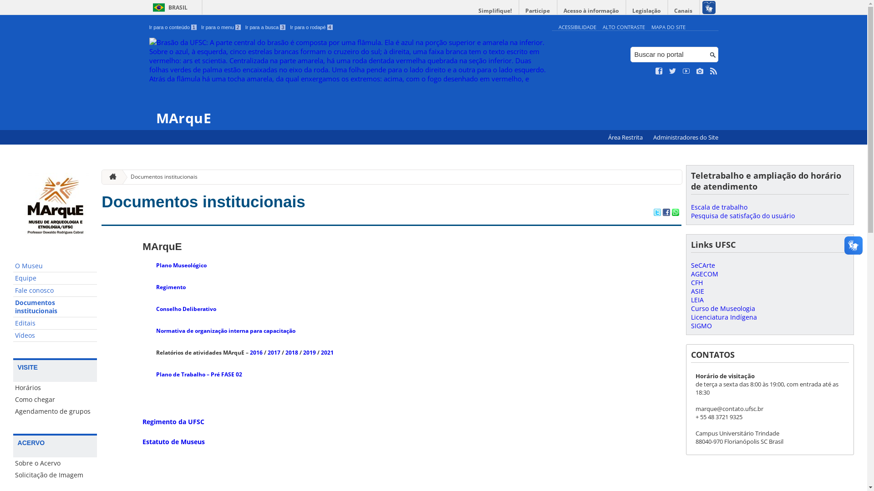 This screenshot has height=491, width=874. I want to click on 'Administradores do Site', so click(685, 137).